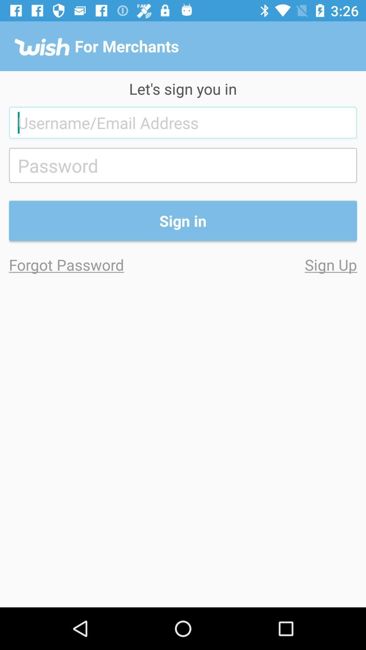 The height and width of the screenshot is (650, 366). Describe the element at coordinates (269, 264) in the screenshot. I see `item next to the forgot password icon` at that location.